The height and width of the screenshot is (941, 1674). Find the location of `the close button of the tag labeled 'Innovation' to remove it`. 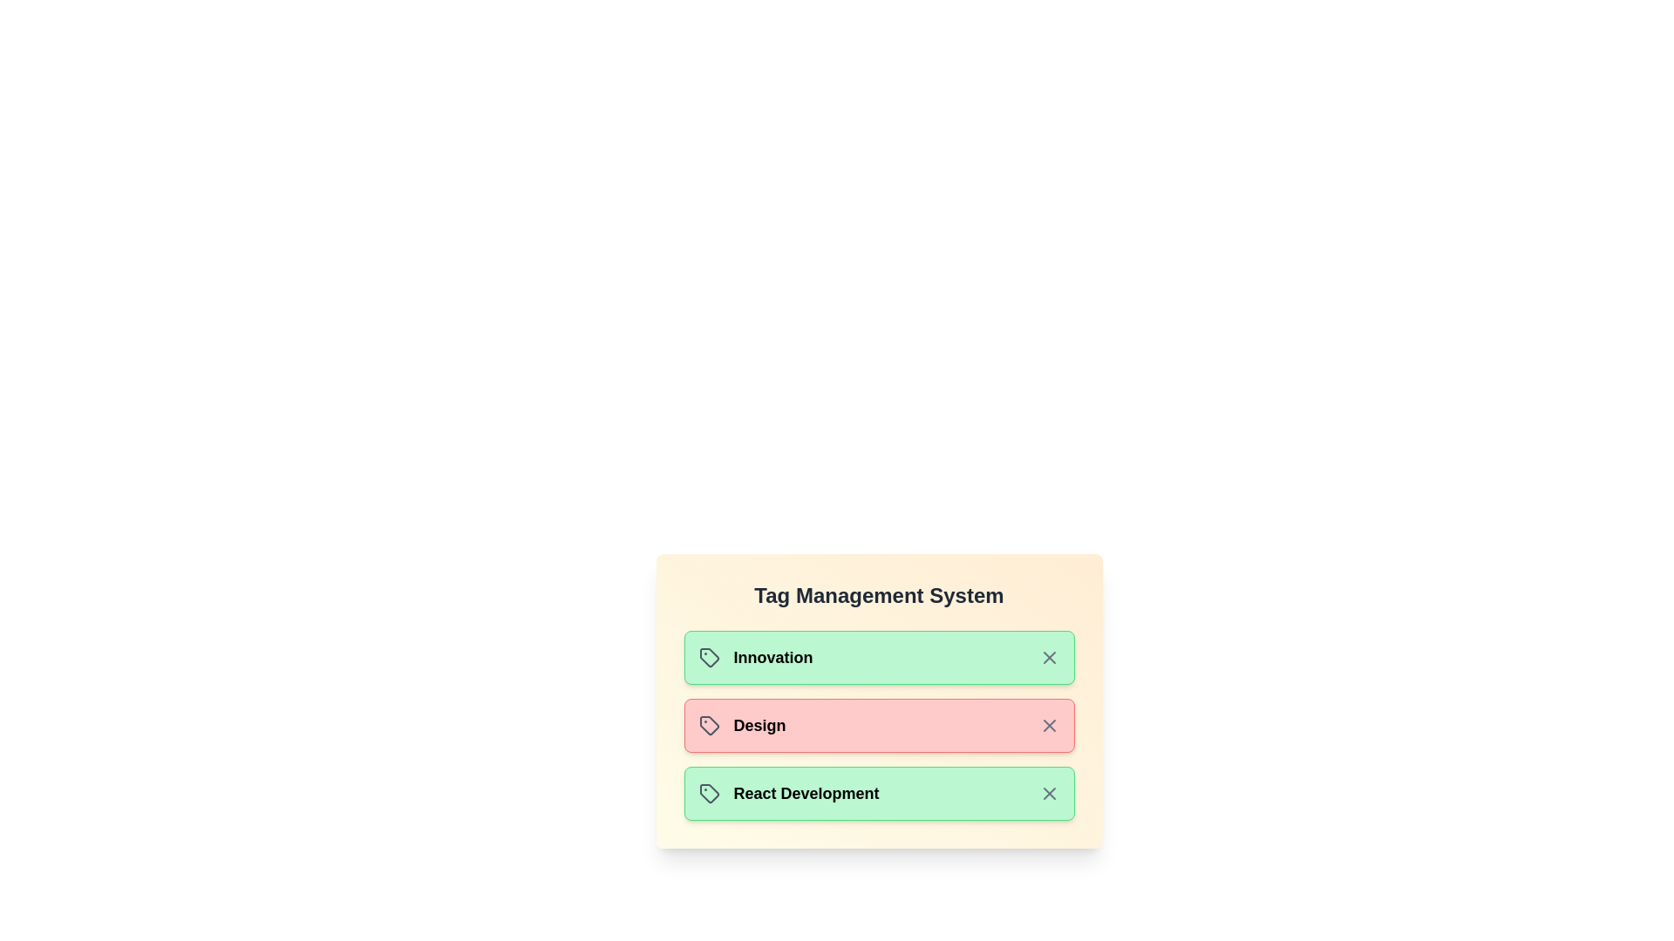

the close button of the tag labeled 'Innovation' to remove it is located at coordinates (1048, 658).